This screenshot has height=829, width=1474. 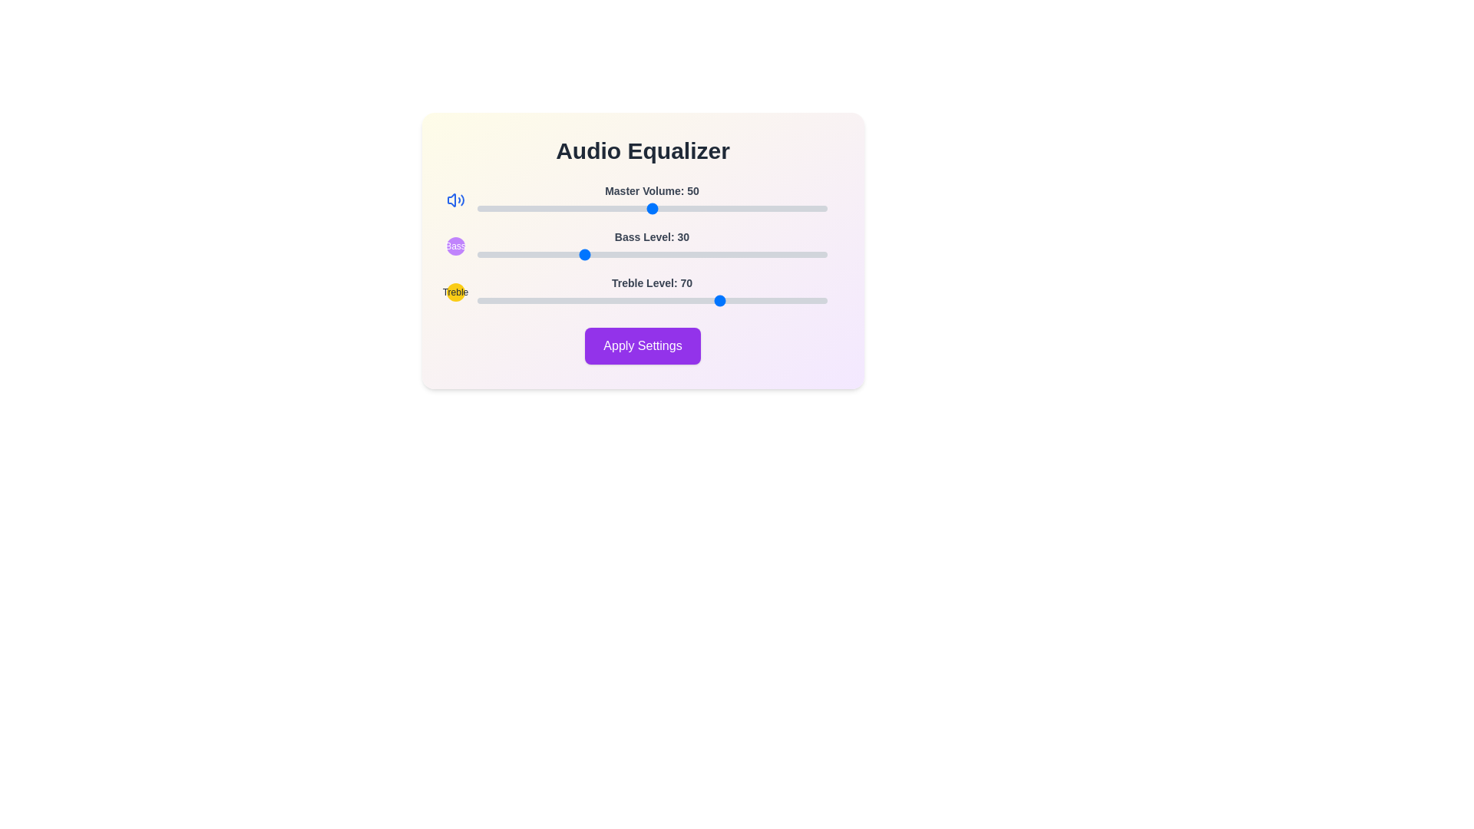 I want to click on Treble Level, so click(x=679, y=301).